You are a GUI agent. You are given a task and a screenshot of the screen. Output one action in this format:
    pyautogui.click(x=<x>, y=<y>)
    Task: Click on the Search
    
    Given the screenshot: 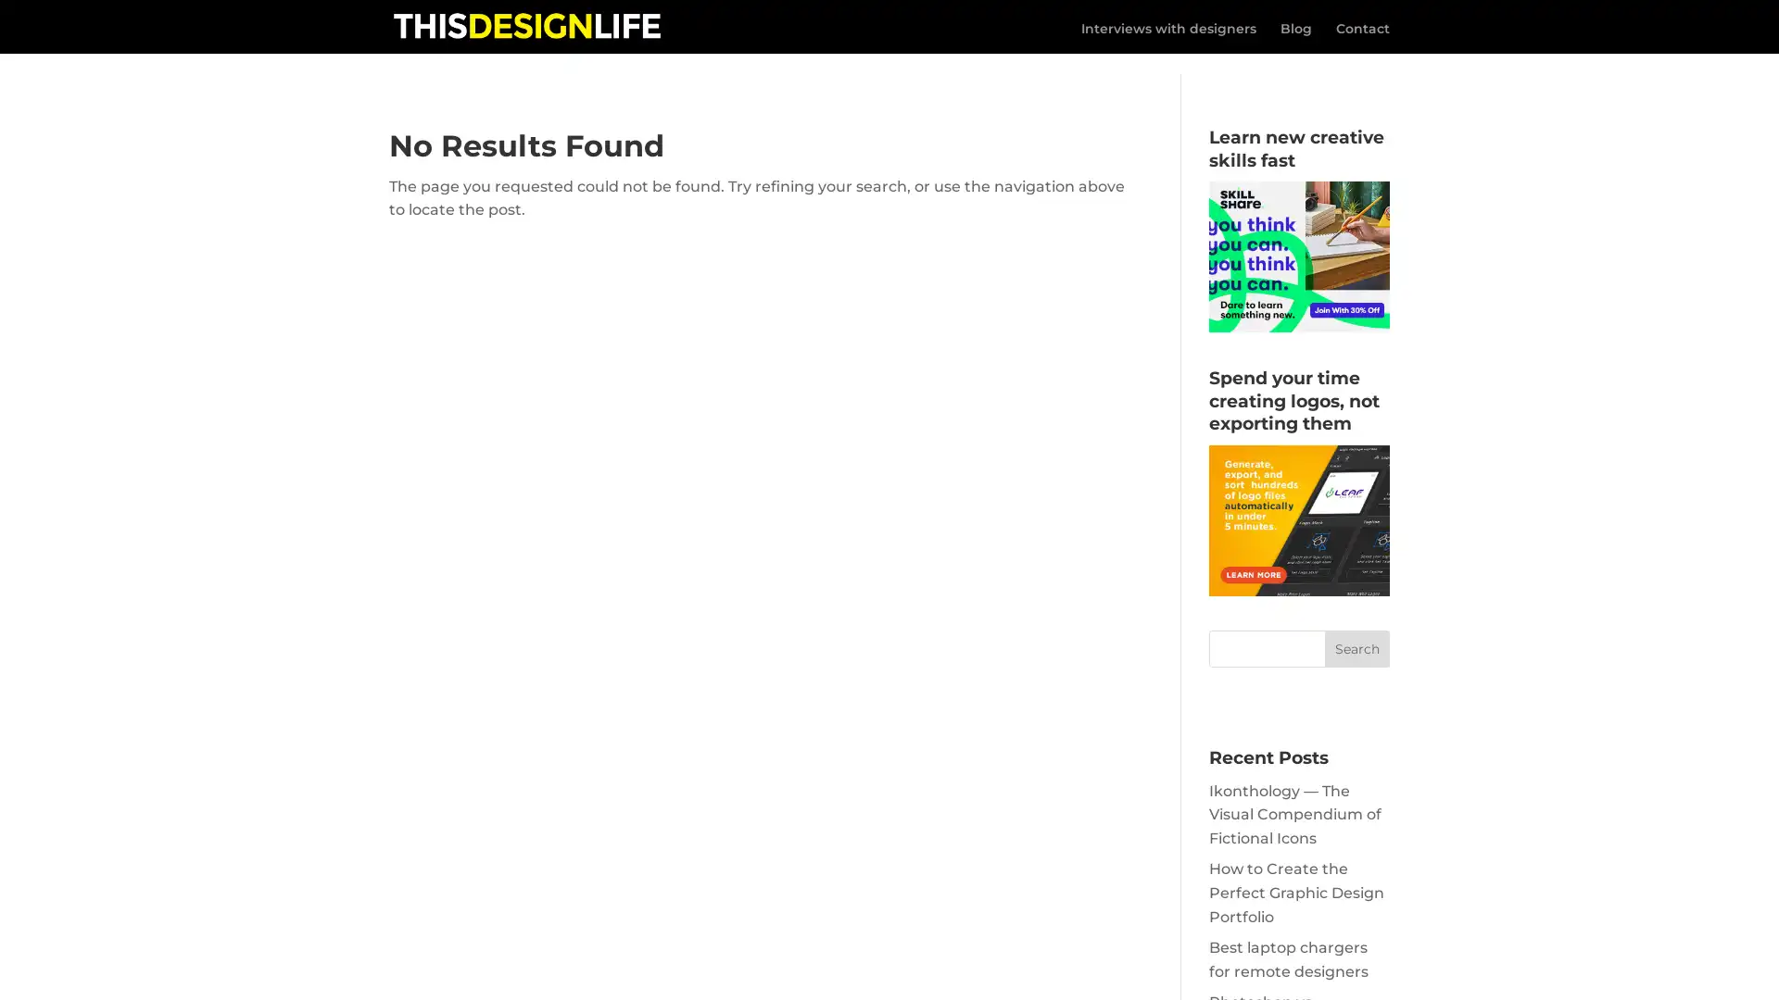 What is the action you would take?
    pyautogui.click(x=1356, y=627)
    